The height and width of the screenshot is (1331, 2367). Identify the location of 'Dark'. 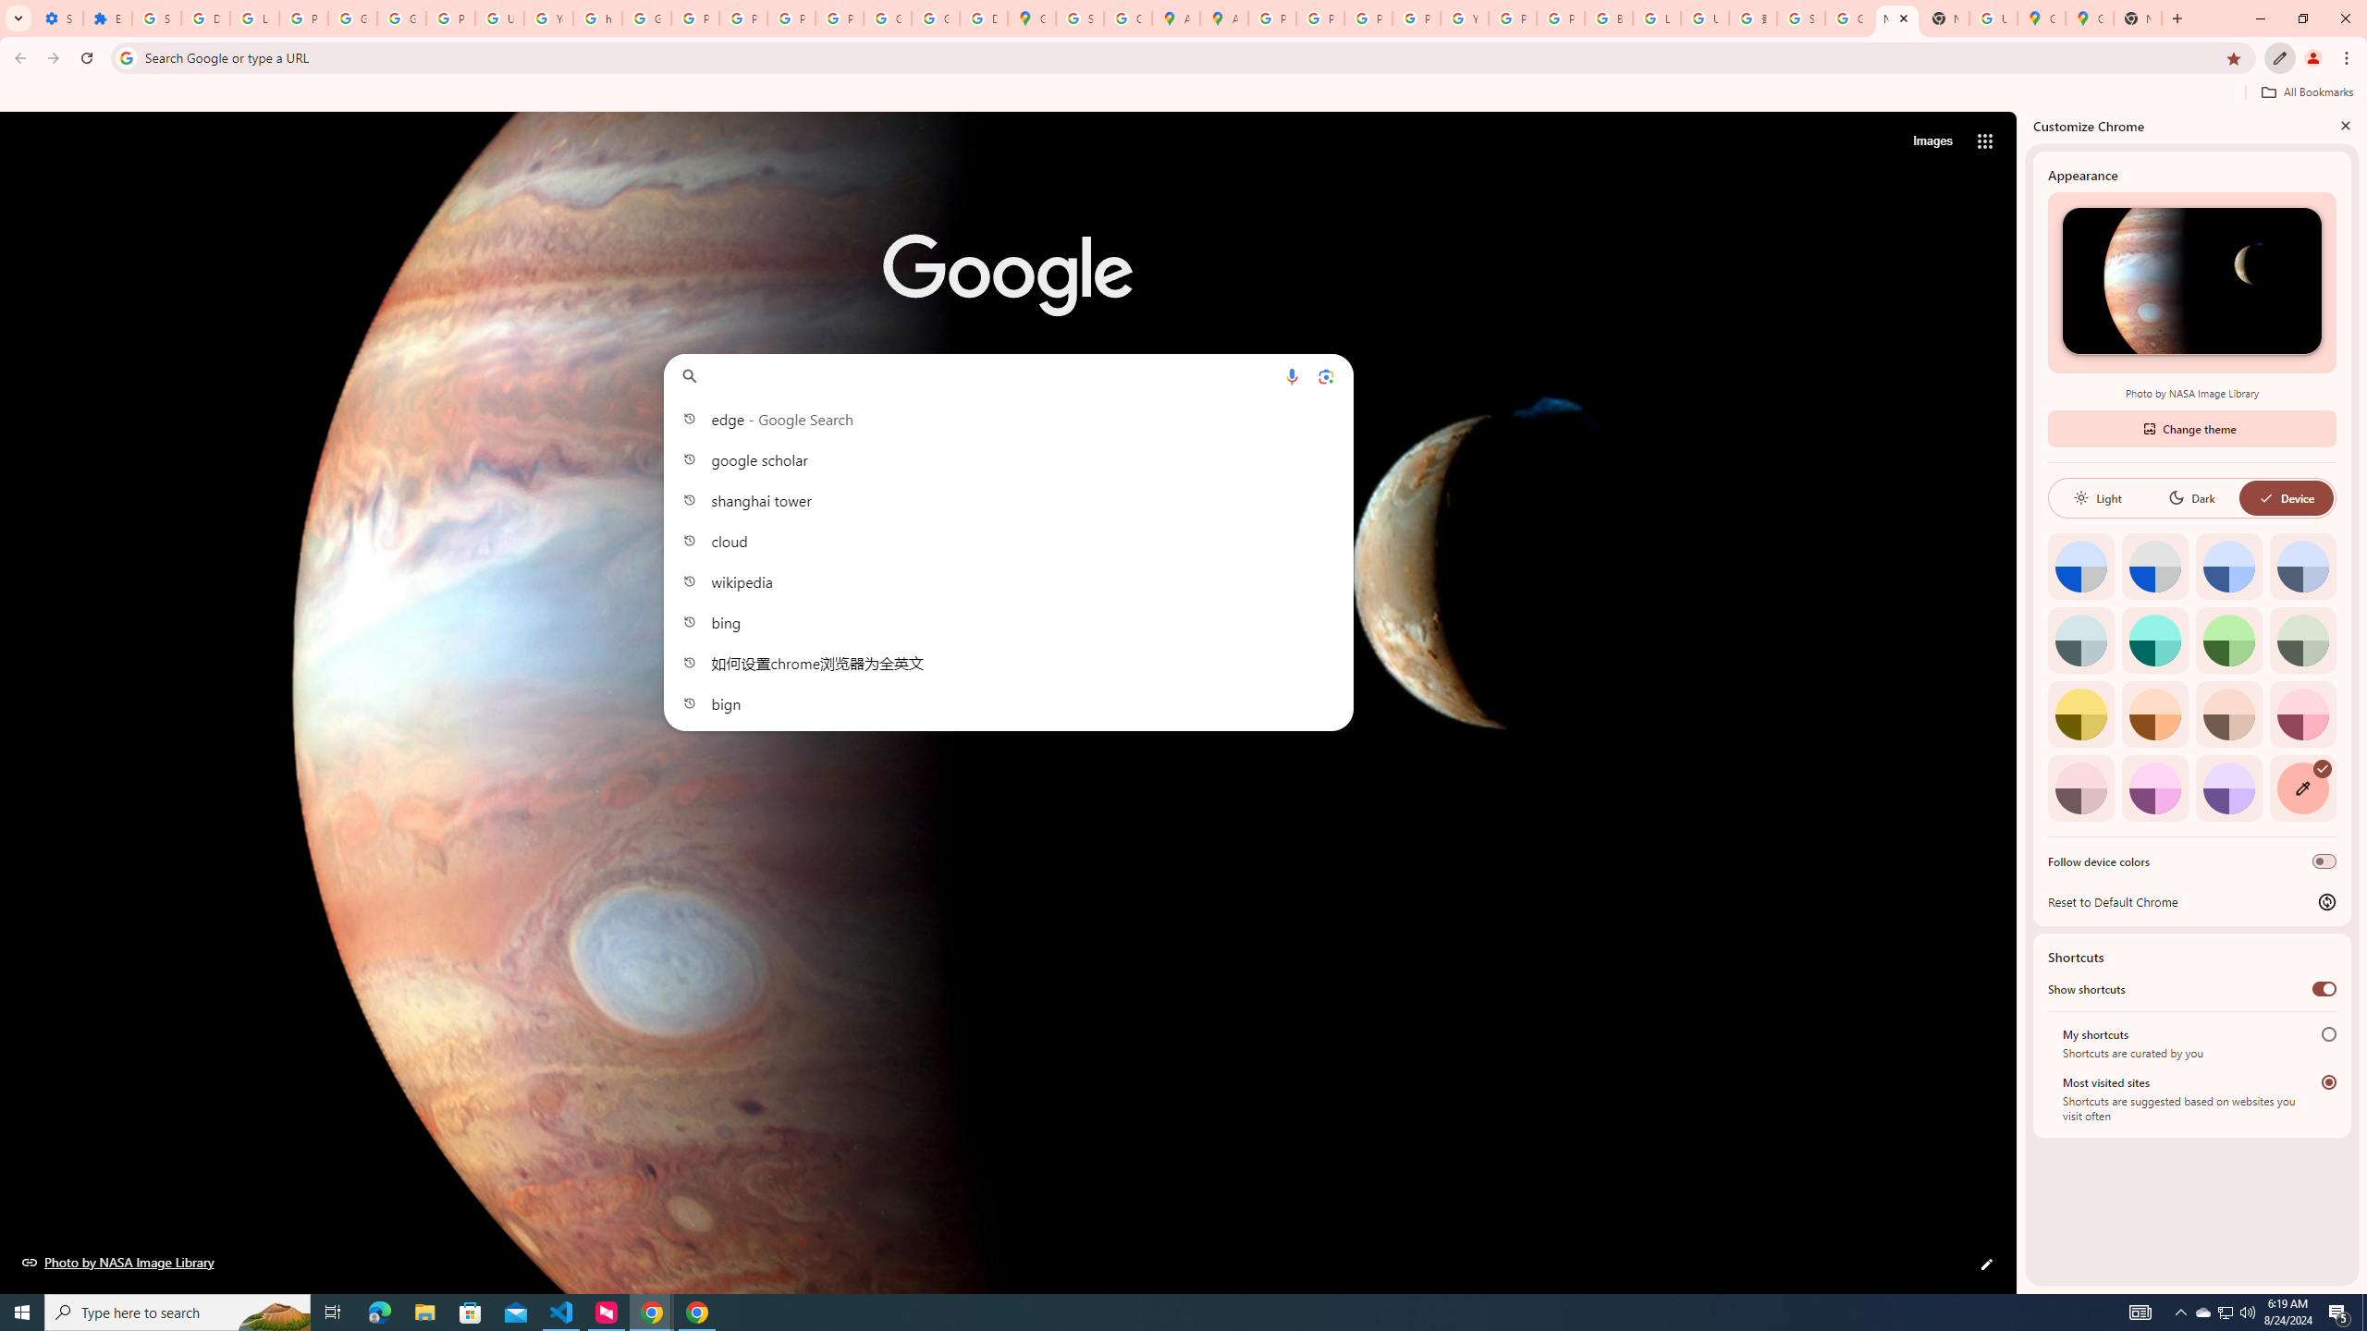
(2190, 496).